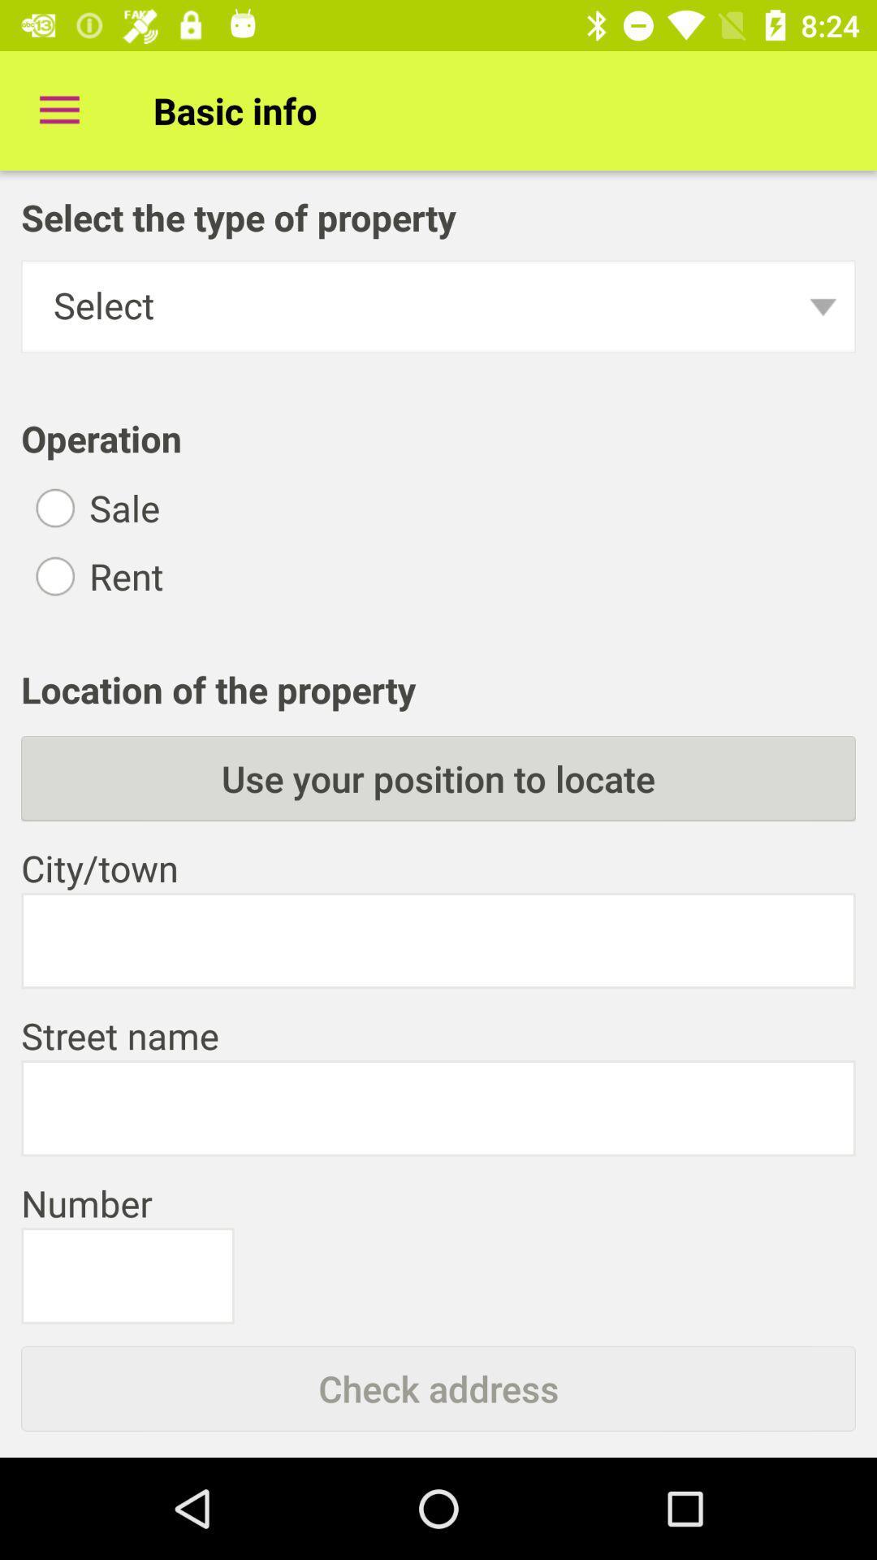 The height and width of the screenshot is (1560, 877). I want to click on text field, so click(127, 1275).